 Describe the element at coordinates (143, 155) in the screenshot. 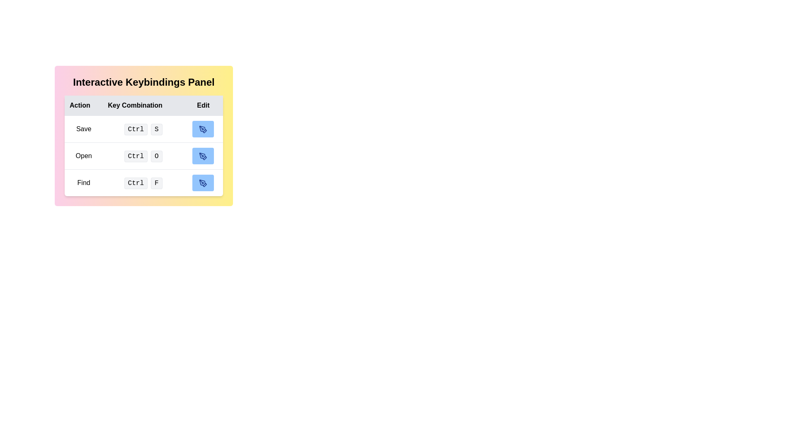

I see `the 'Ctrl' and 'O' buttons in the Key Combination section of the Interactive Keybindings Panel` at that location.